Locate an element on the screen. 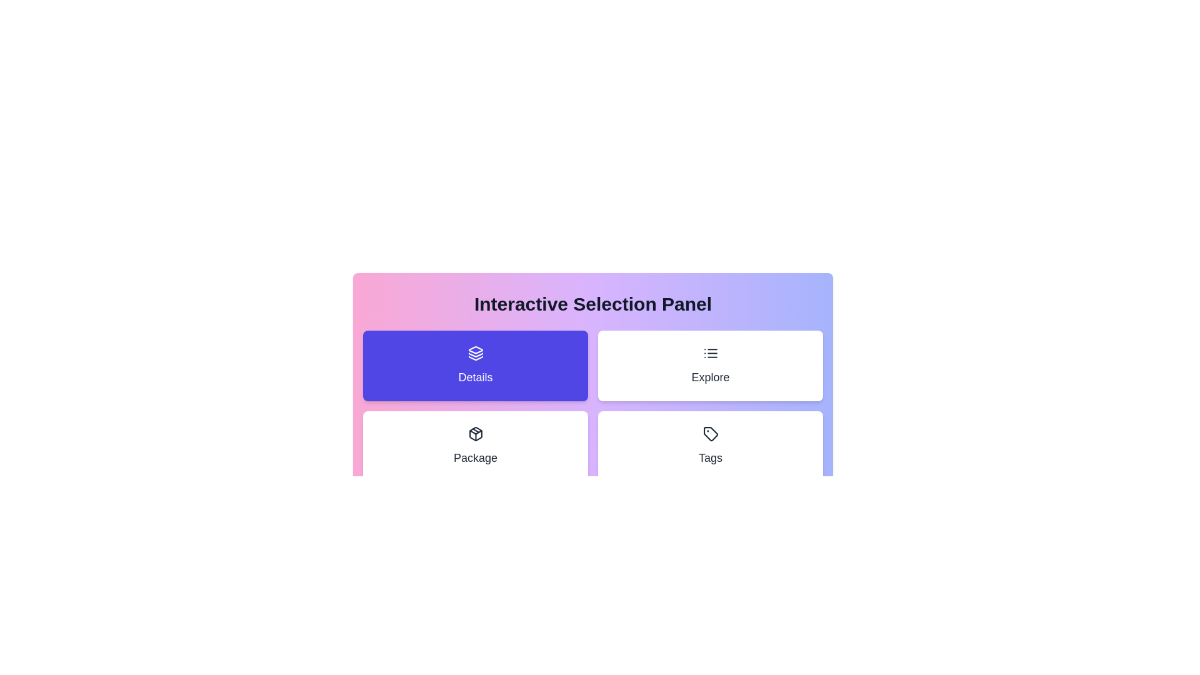  the 'Details' button located in the top-left quadrant of the grid is located at coordinates (475, 366).